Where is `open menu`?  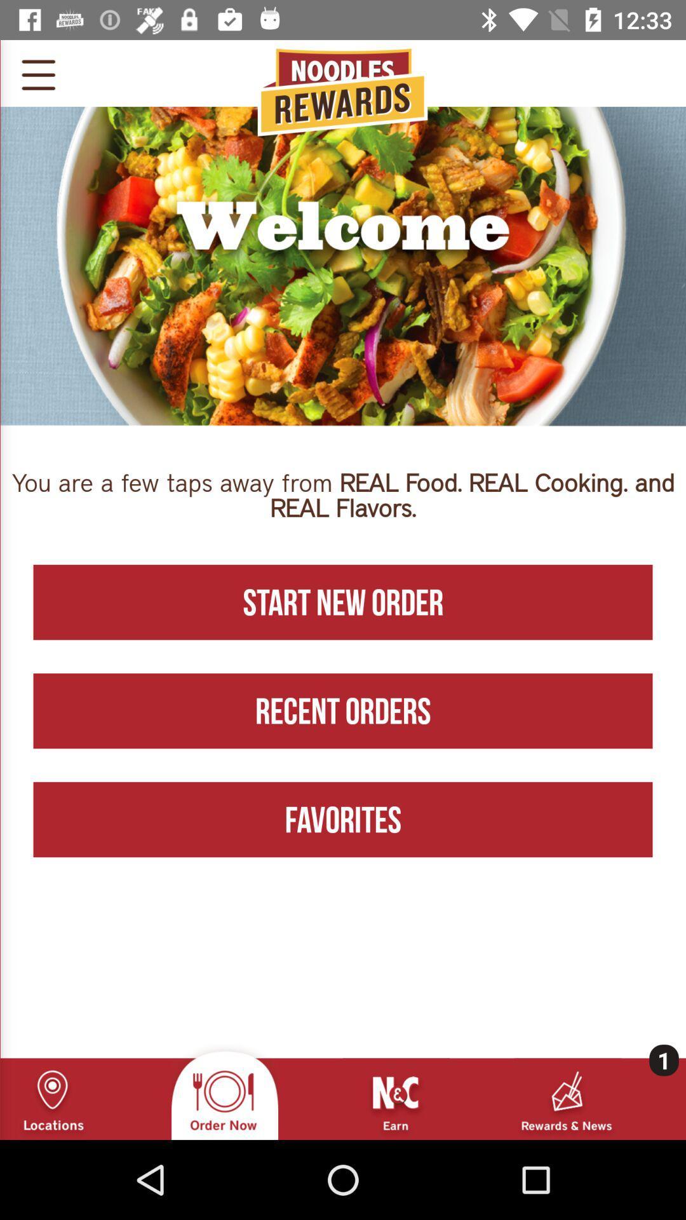 open menu is located at coordinates (37, 72).